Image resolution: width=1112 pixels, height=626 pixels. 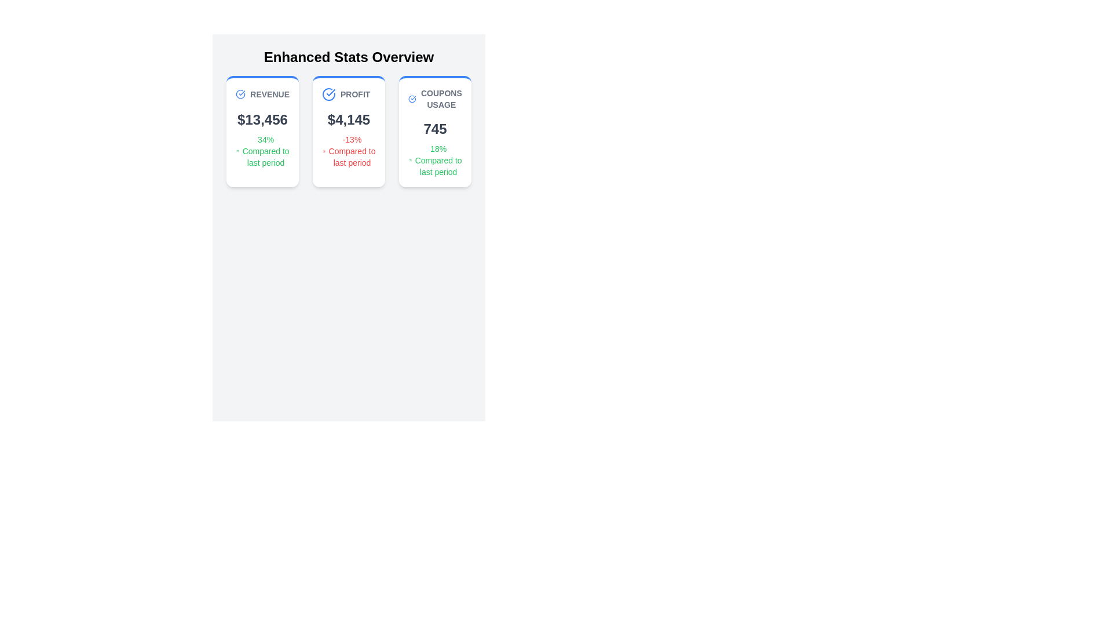 I want to click on the informational card titled 'COUPONS USAGE', which features a white background, rounded corners, a blue stripe at the top, and contains the number '745' and an annotation about usage compared to the last period, so click(x=434, y=131).